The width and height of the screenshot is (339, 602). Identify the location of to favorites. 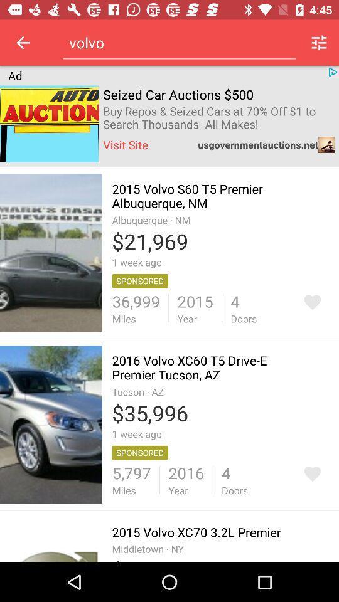
(311, 302).